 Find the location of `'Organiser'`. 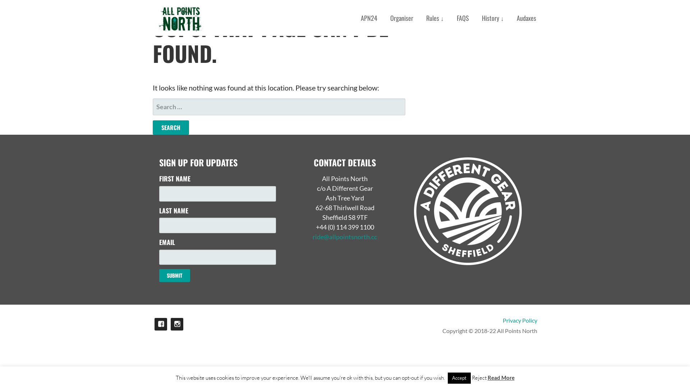

'Organiser' is located at coordinates (401, 18).